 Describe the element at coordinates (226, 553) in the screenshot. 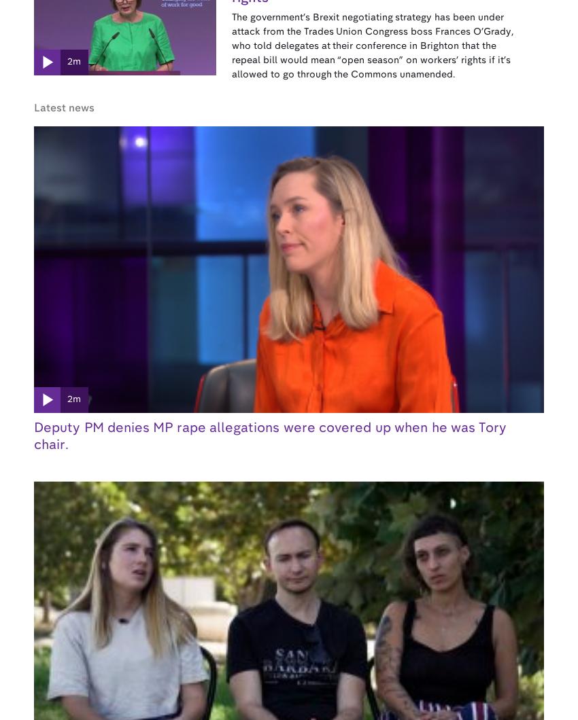

I see `'4Corporate'` at that location.